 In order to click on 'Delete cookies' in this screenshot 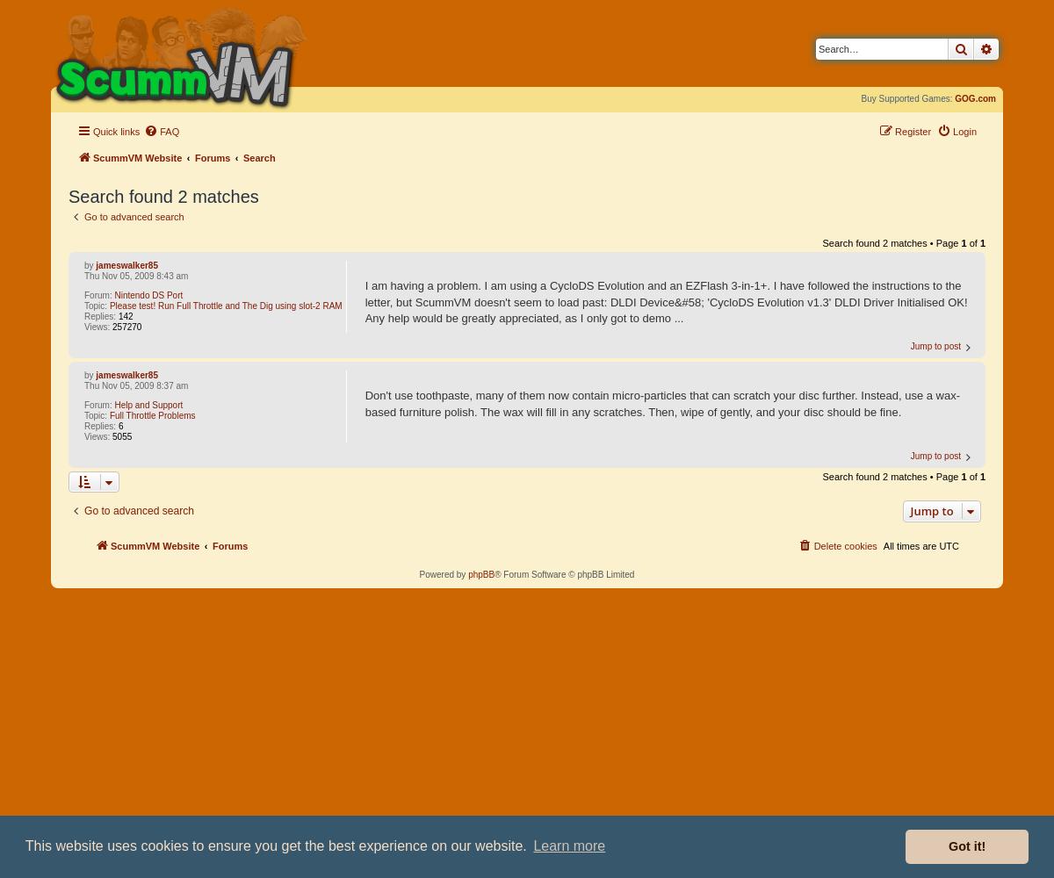, I will do `click(845, 544)`.